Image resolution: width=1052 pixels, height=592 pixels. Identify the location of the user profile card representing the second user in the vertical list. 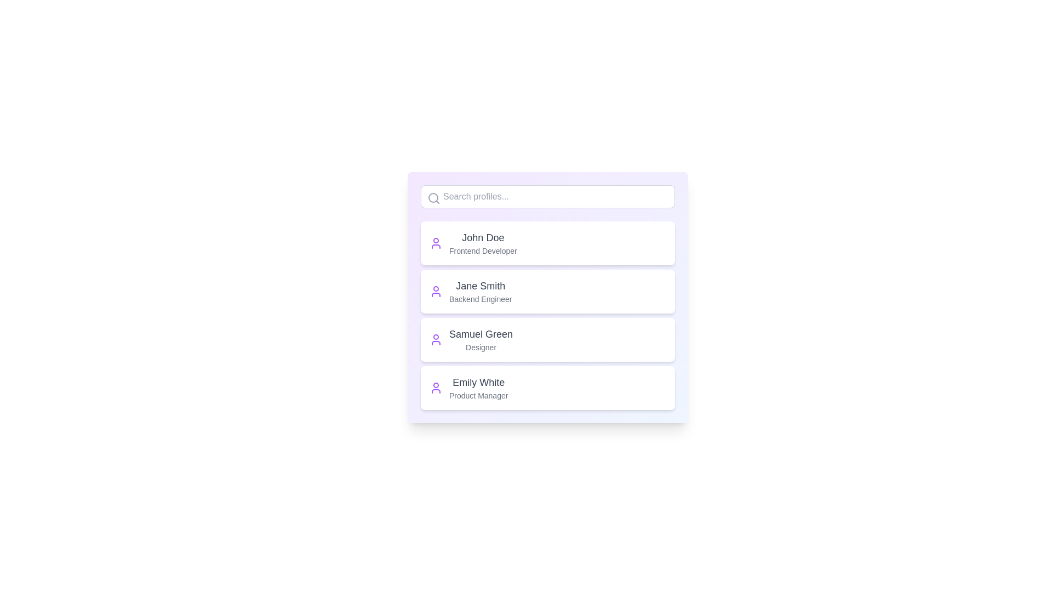
(547, 291).